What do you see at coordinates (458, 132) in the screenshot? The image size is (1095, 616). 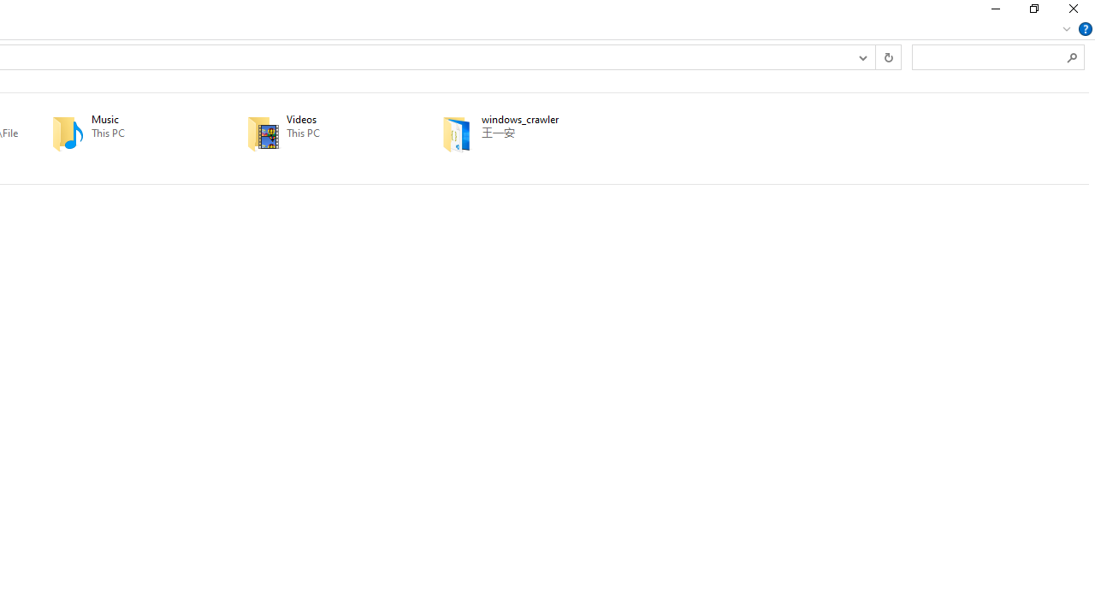 I see `'Class: UIImage'` at bounding box center [458, 132].